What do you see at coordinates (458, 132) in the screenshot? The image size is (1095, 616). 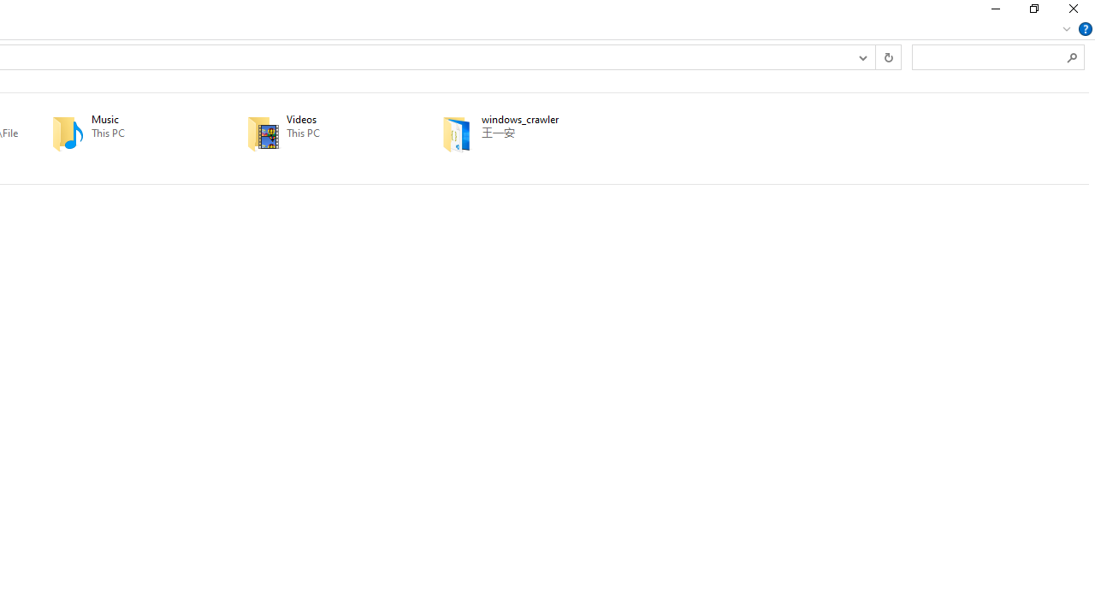 I see `'Class: UIImage'` at bounding box center [458, 132].